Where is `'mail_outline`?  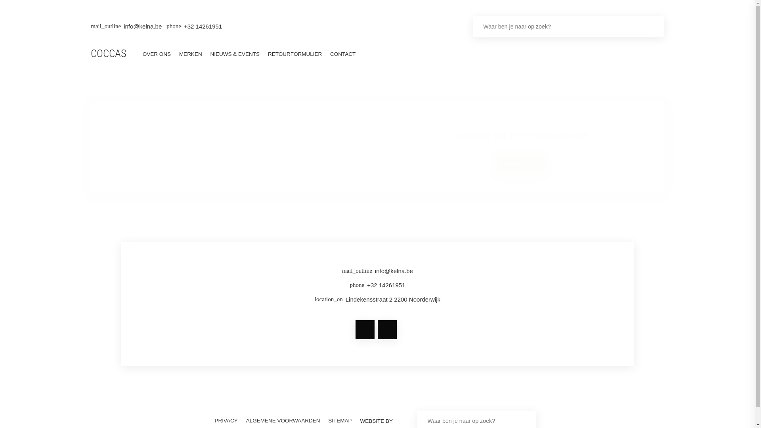
'mail_outline is located at coordinates (126, 26).